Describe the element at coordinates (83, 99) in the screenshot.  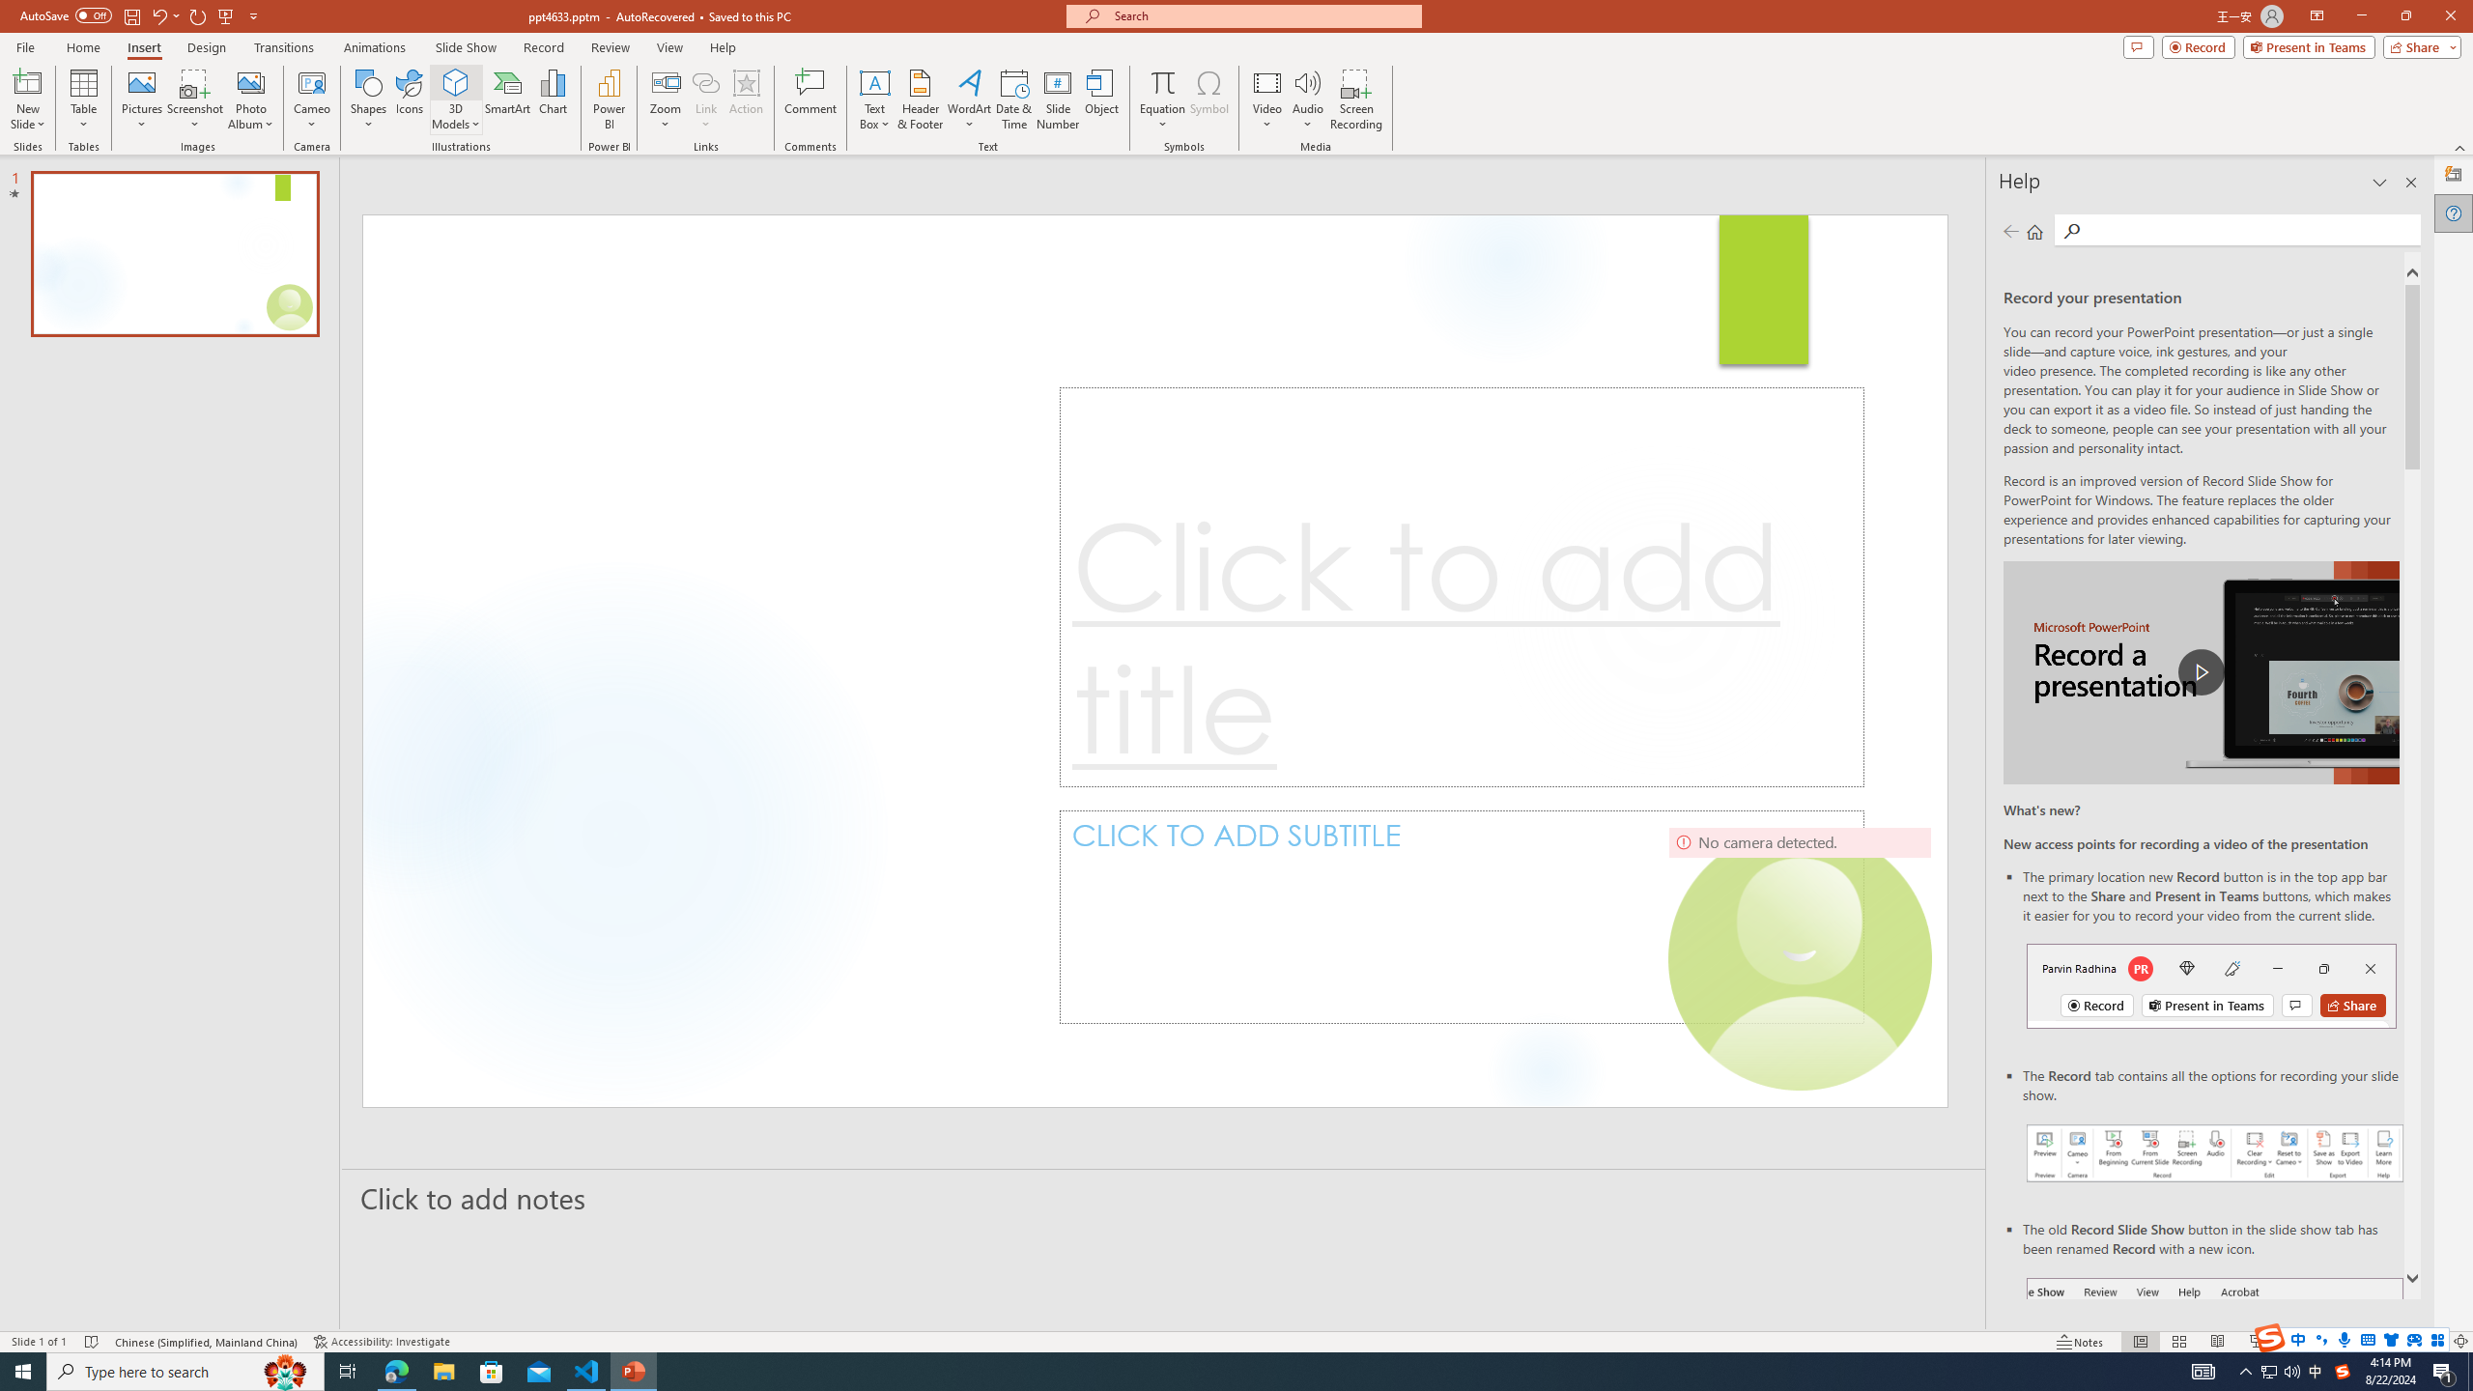
I see `'Table'` at that location.